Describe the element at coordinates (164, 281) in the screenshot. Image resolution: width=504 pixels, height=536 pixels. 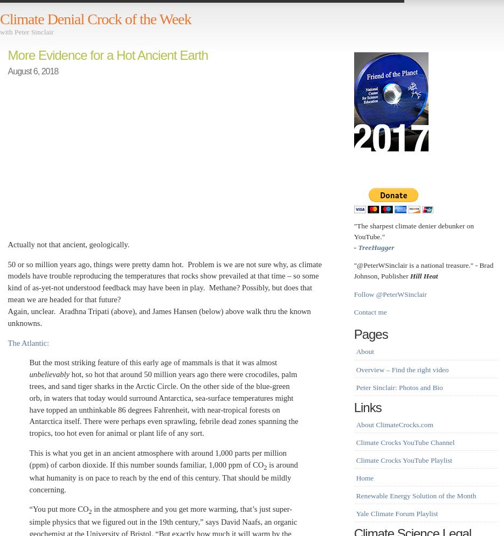
I see `'50 or so million years ago, things were pretty damn hot.  Problem is we are not sure why, as climate models have trouble reproducing the temperatures that rocks show prevailed at that time – so some kind of as-yet-not understood feedback may have been in play.  Methane? Possibly, but does that mean we are headed for that future?'` at that location.